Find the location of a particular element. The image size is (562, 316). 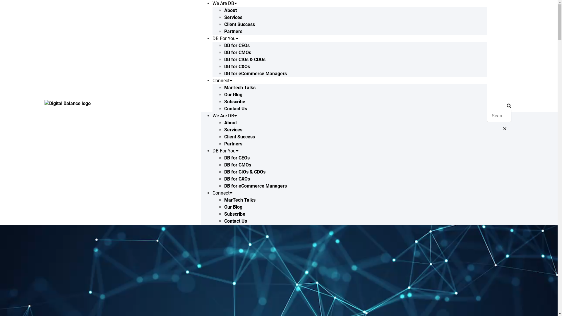

'DB for CMOs' is located at coordinates (237, 165).